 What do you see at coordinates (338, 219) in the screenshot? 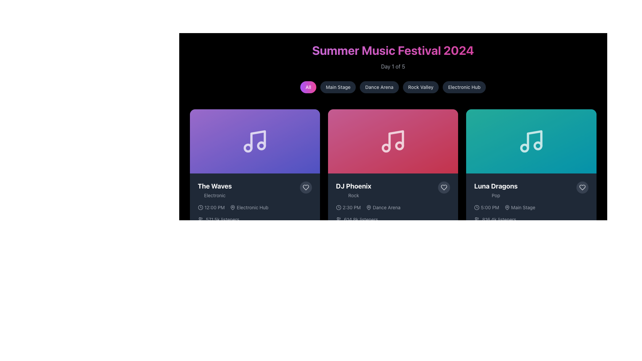
I see `the SVG icon resembling a group of users, located to the left of the '614.8k listeners' text` at bounding box center [338, 219].